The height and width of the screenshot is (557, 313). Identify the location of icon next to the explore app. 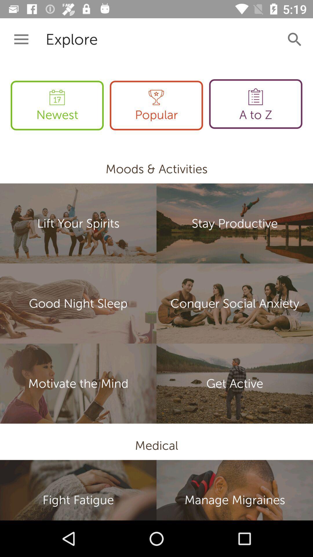
(21, 39).